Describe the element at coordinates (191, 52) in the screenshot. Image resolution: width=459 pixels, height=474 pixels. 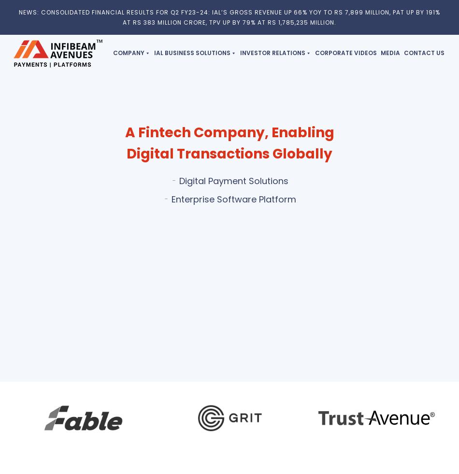
I see `'IAL Business Solutions'` at that location.